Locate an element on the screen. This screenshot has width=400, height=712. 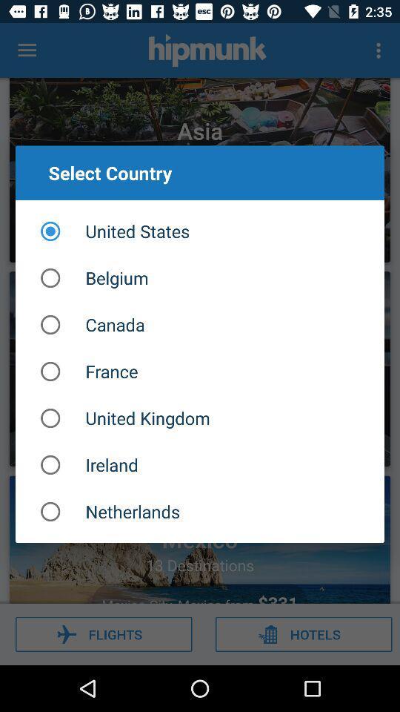
united states at the top is located at coordinates (200, 231).